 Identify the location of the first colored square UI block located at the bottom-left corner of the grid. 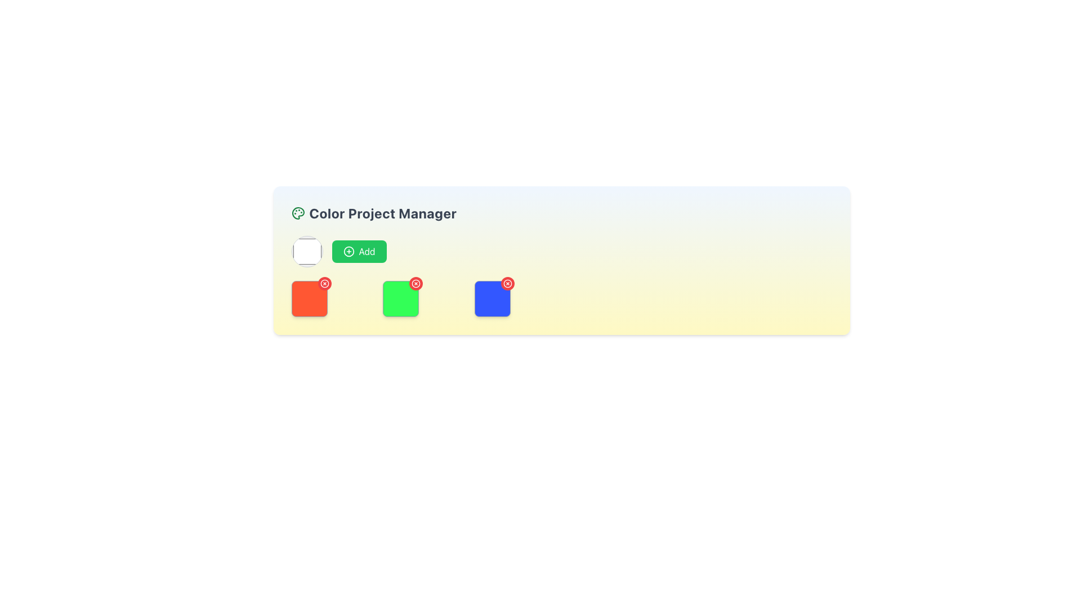
(309, 298).